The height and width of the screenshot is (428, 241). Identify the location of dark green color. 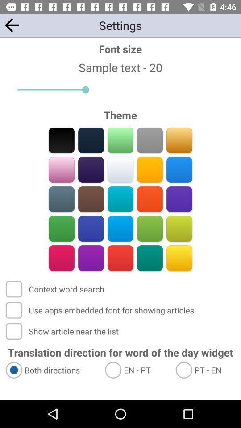
(150, 258).